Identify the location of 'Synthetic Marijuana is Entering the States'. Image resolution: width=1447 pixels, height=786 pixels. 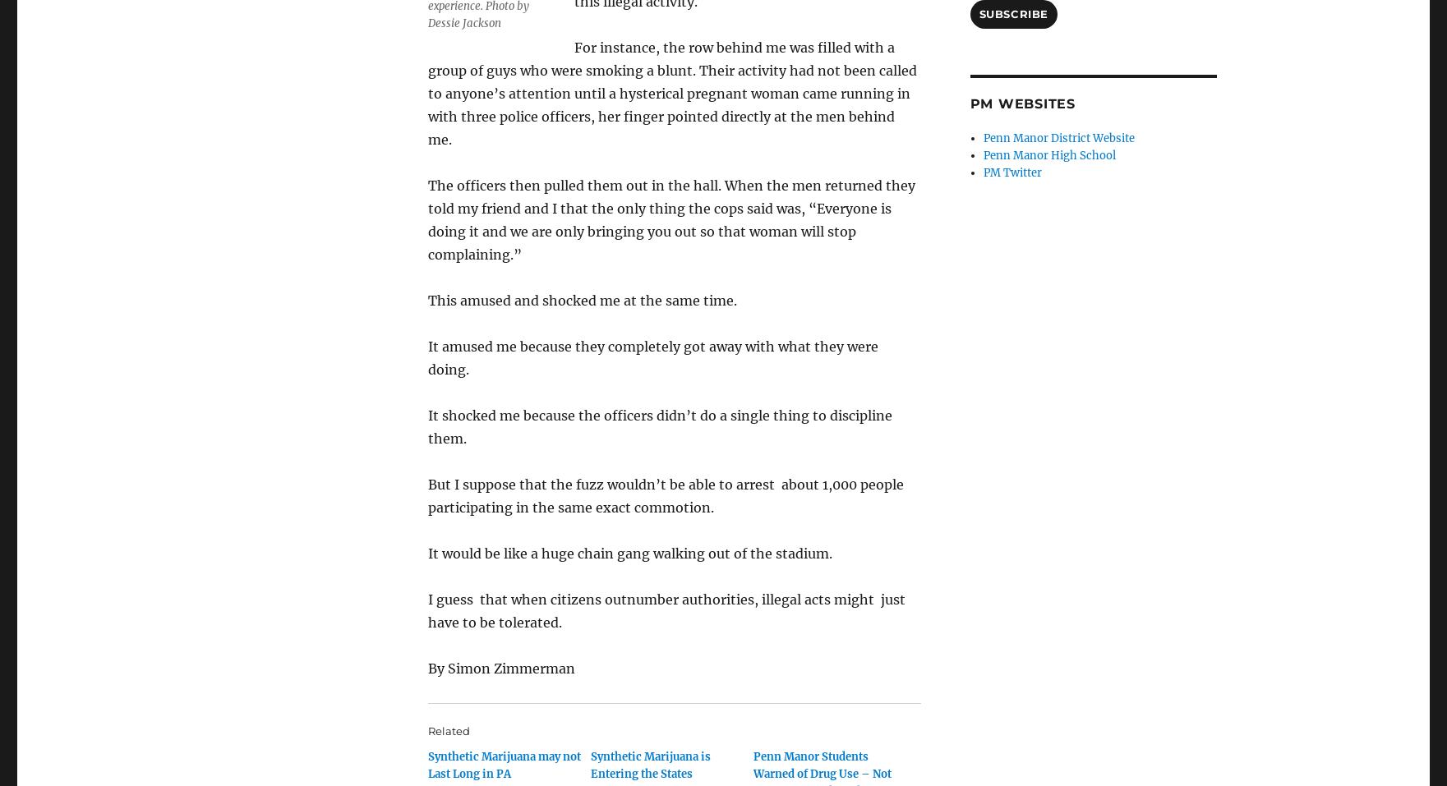
(650, 765).